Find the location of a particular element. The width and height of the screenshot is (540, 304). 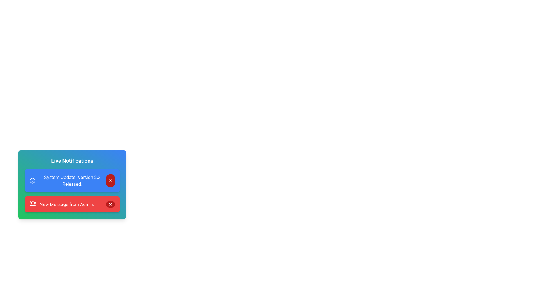

notification text about the release of version 2.3 of the system located in the upper notification box, to the leftmost section adjacent to the cancel button is located at coordinates (67, 180).